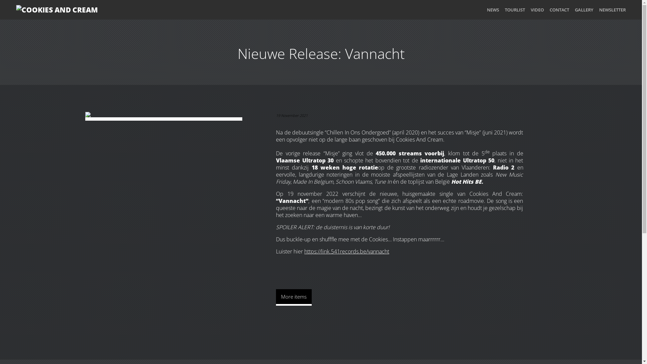  What do you see at coordinates (530, 10) in the screenshot?
I see `'VIDEO'` at bounding box center [530, 10].